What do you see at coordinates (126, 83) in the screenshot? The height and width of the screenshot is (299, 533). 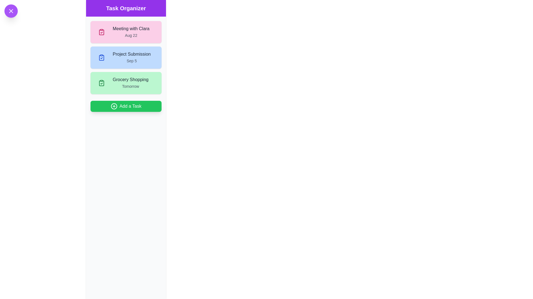 I see `the task Grocery Shopping from the list` at bounding box center [126, 83].